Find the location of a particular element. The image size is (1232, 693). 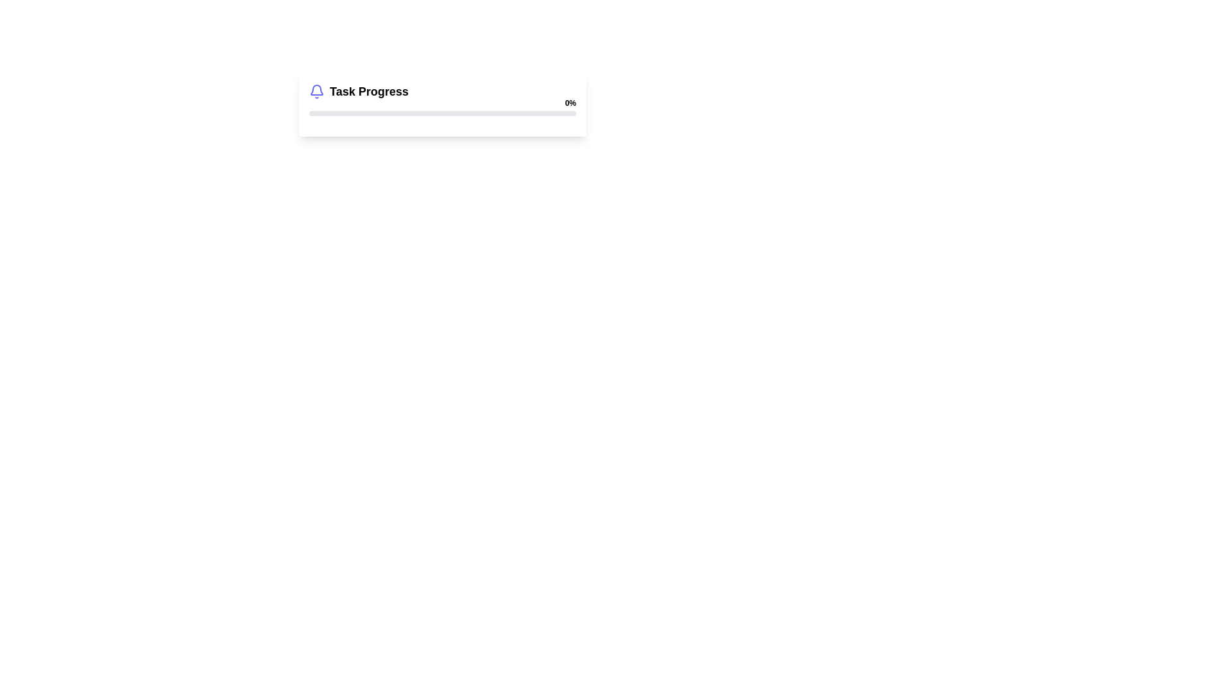

the static text element displaying '0%' which is styled in bold and located above the right end of the horizontal progress bar is located at coordinates (570, 103).